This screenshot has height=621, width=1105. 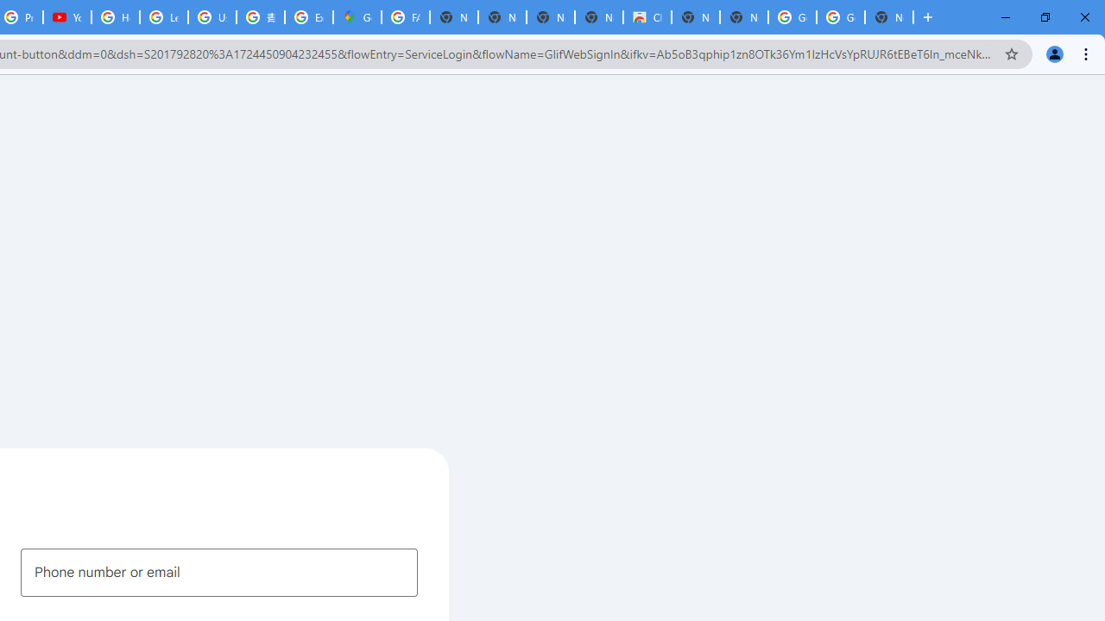 I want to click on 'Phone number or email', so click(x=218, y=572).